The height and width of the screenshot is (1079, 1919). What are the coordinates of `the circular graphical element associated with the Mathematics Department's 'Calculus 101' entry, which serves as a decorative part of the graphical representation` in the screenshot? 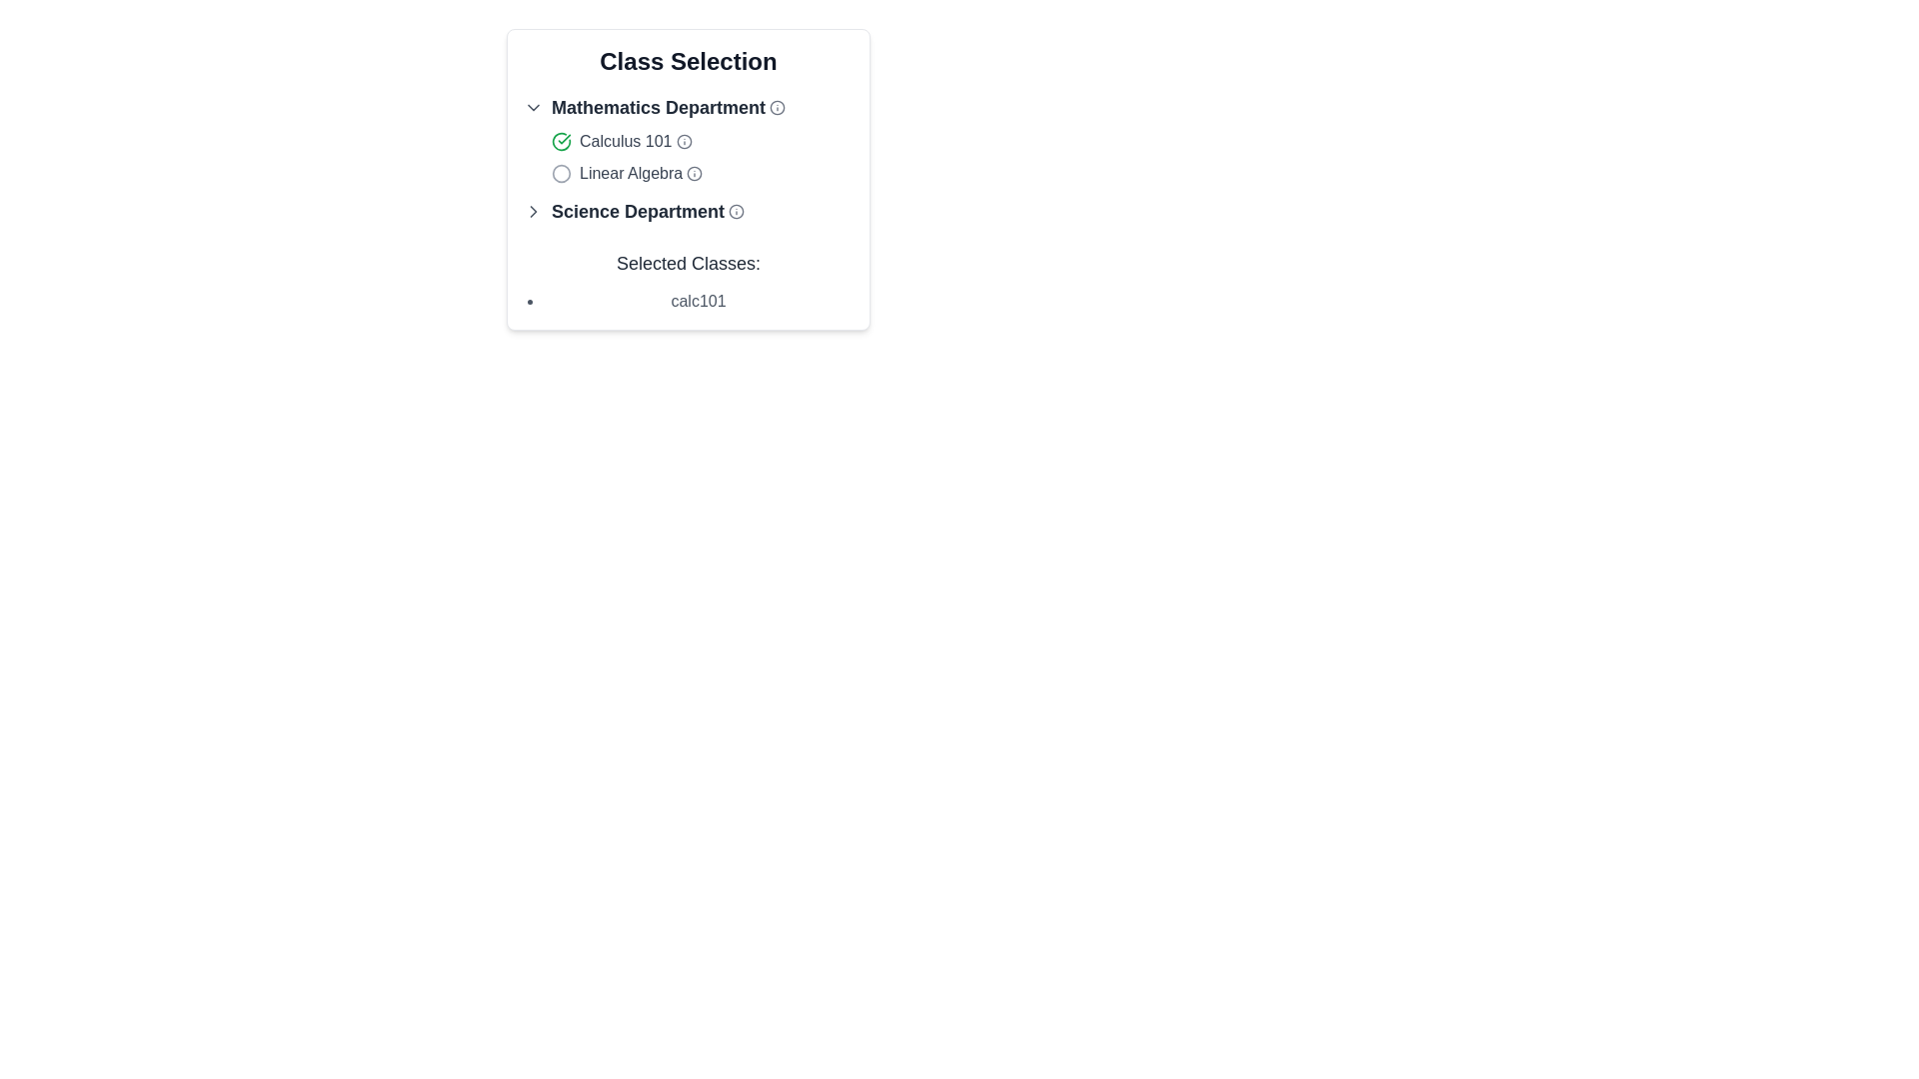 It's located at (684, 141).